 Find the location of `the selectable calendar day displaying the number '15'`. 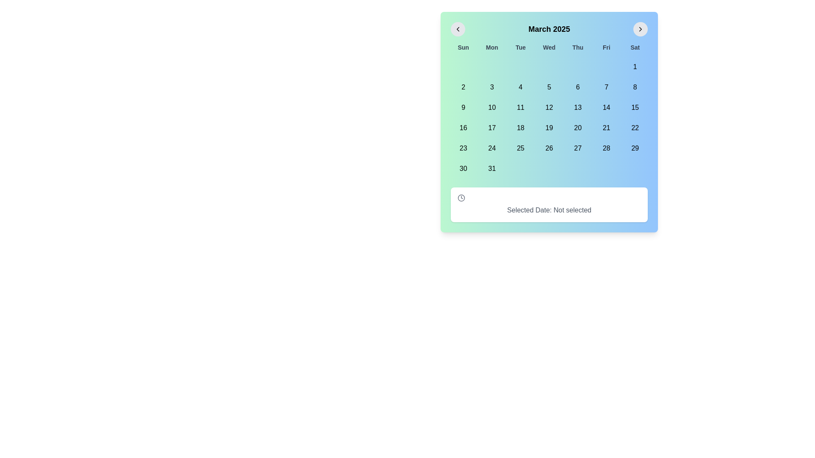

the selectable calendar day displaying the number '15' is located at coordinates (635, 107).